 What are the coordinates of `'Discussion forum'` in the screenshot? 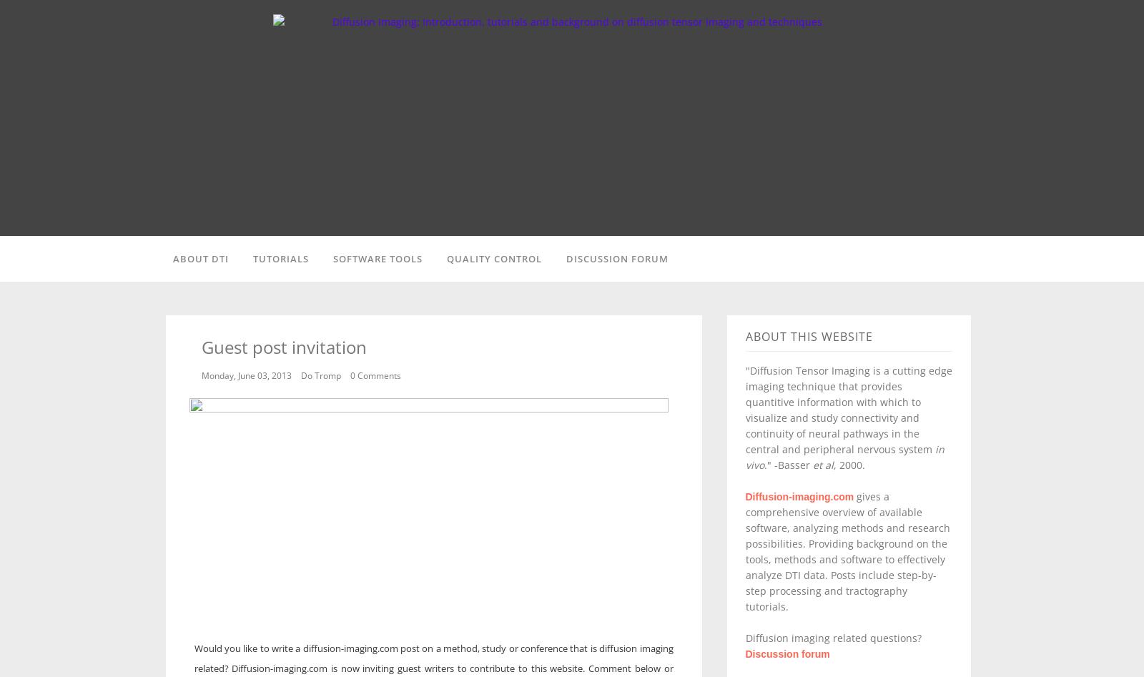 It's located at (786, 653).